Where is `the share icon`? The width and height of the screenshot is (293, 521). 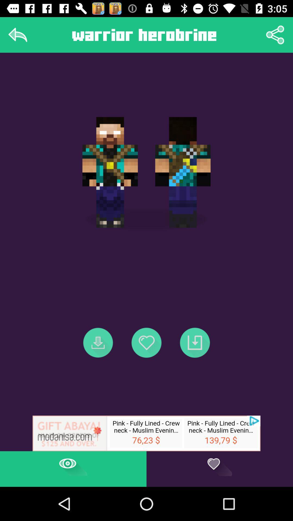
the share icon is located at coordinates (275, 34).